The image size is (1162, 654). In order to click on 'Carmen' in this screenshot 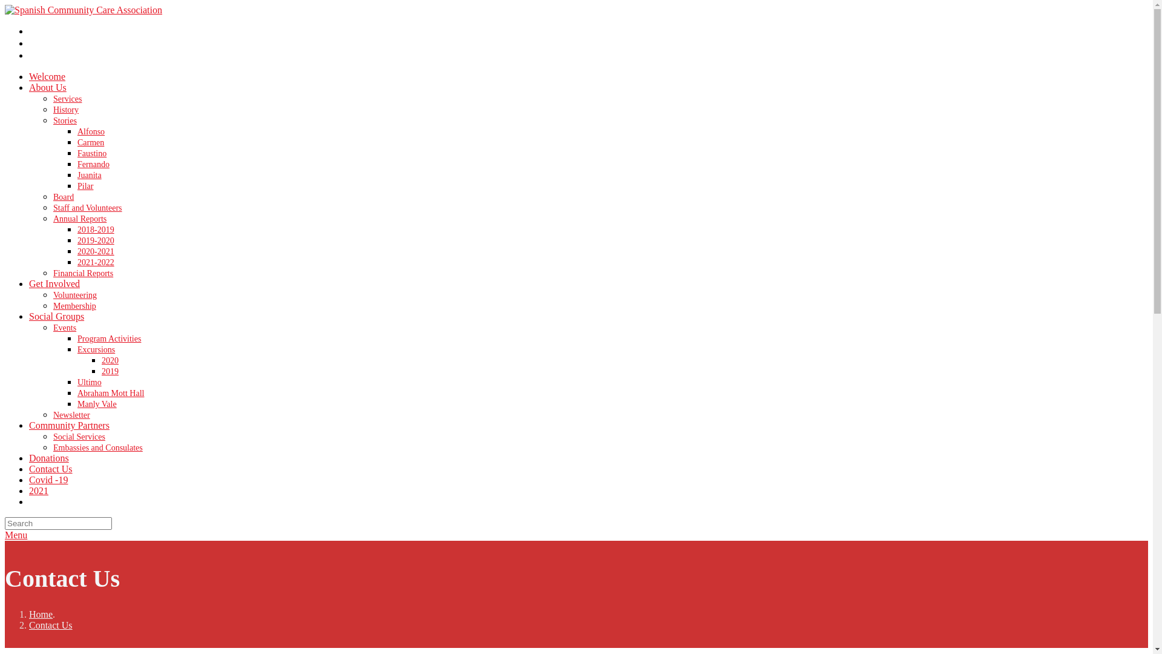, I will do `click(90, 142)`.